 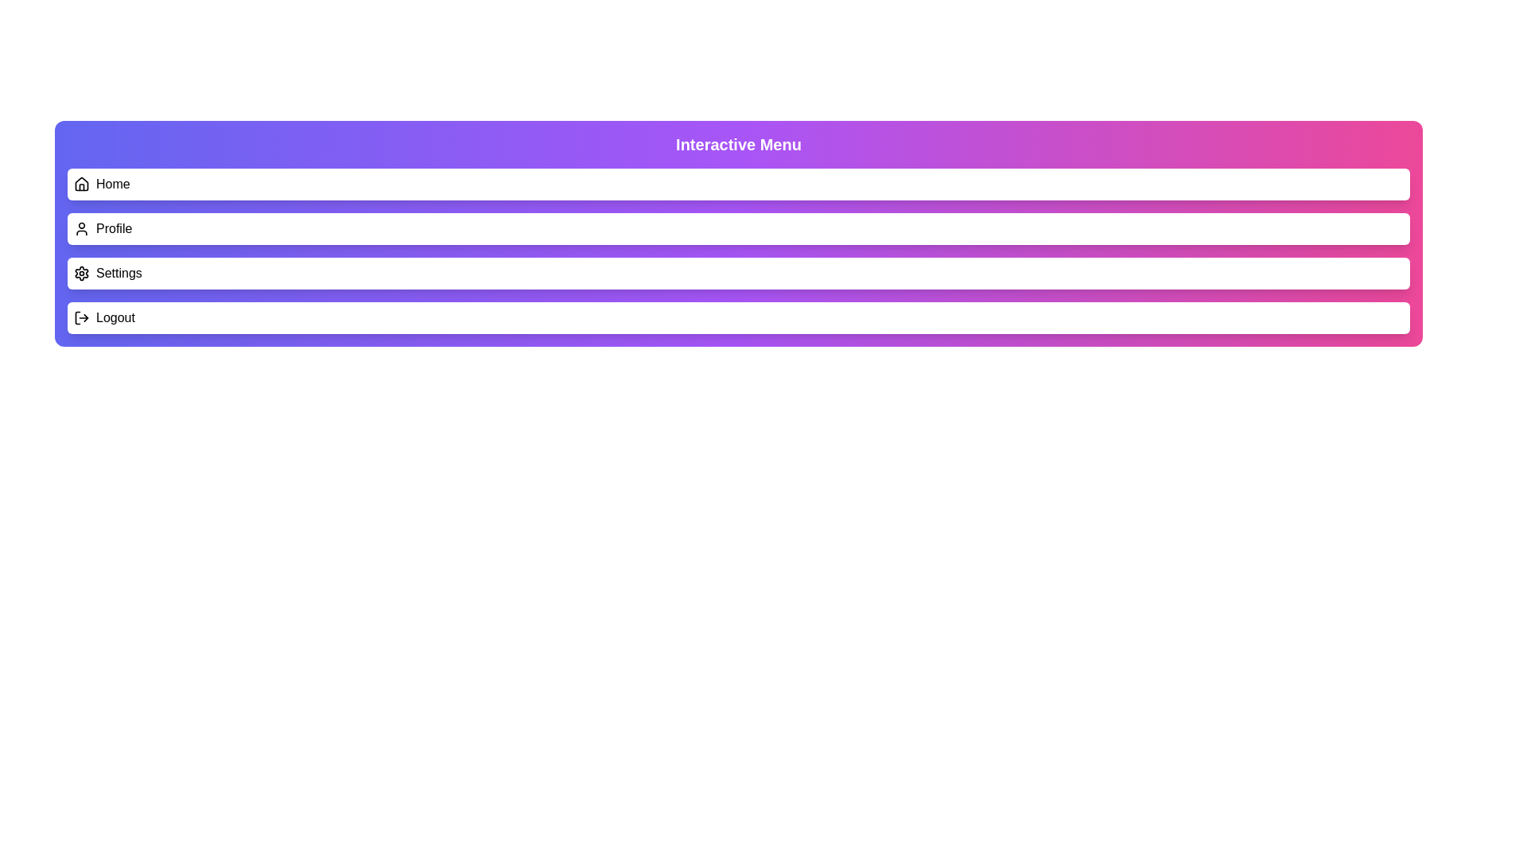 What do you see at coordinates (738, 318) in the screenshot?
I see `the menu item labeled Logout to observe style changes` at bounding box center [738, 318].